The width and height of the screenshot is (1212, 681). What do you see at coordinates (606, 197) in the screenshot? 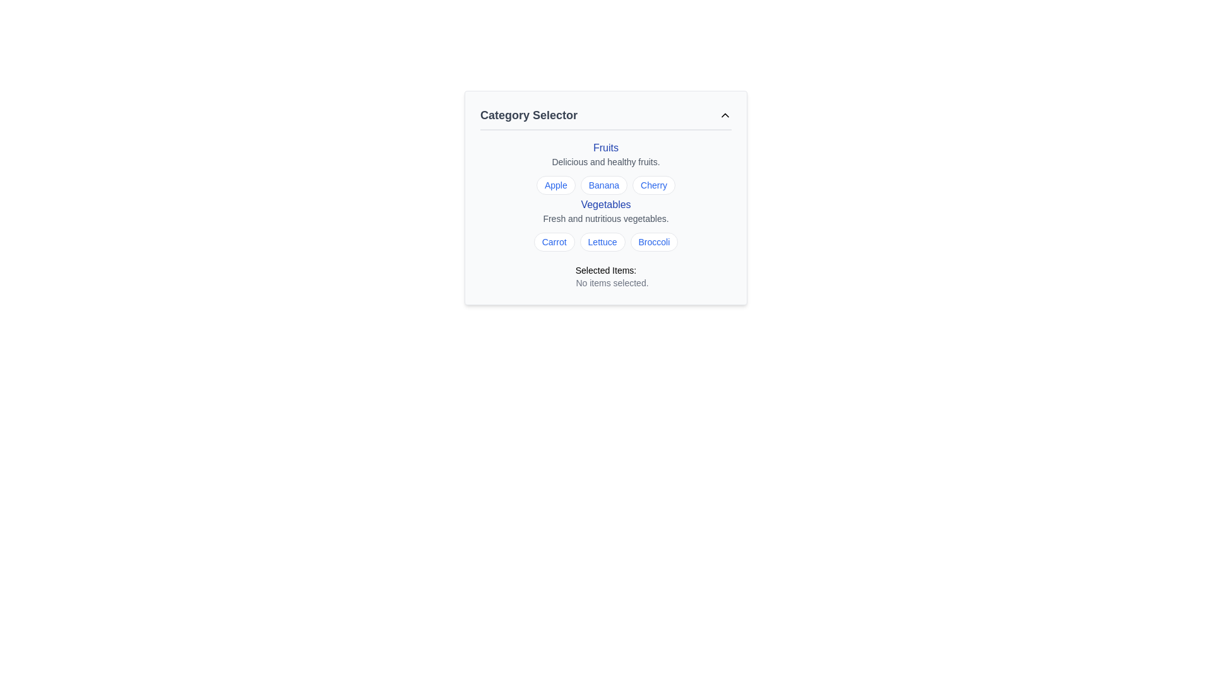
I see `the Categorized selectable list titled 'Category Selector'` at bounding box center [606, 197].